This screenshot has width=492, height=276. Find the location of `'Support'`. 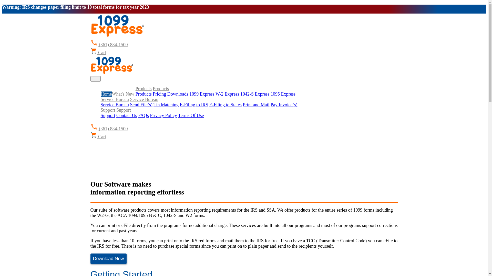

'Support' is located at coordinates (124, 110).